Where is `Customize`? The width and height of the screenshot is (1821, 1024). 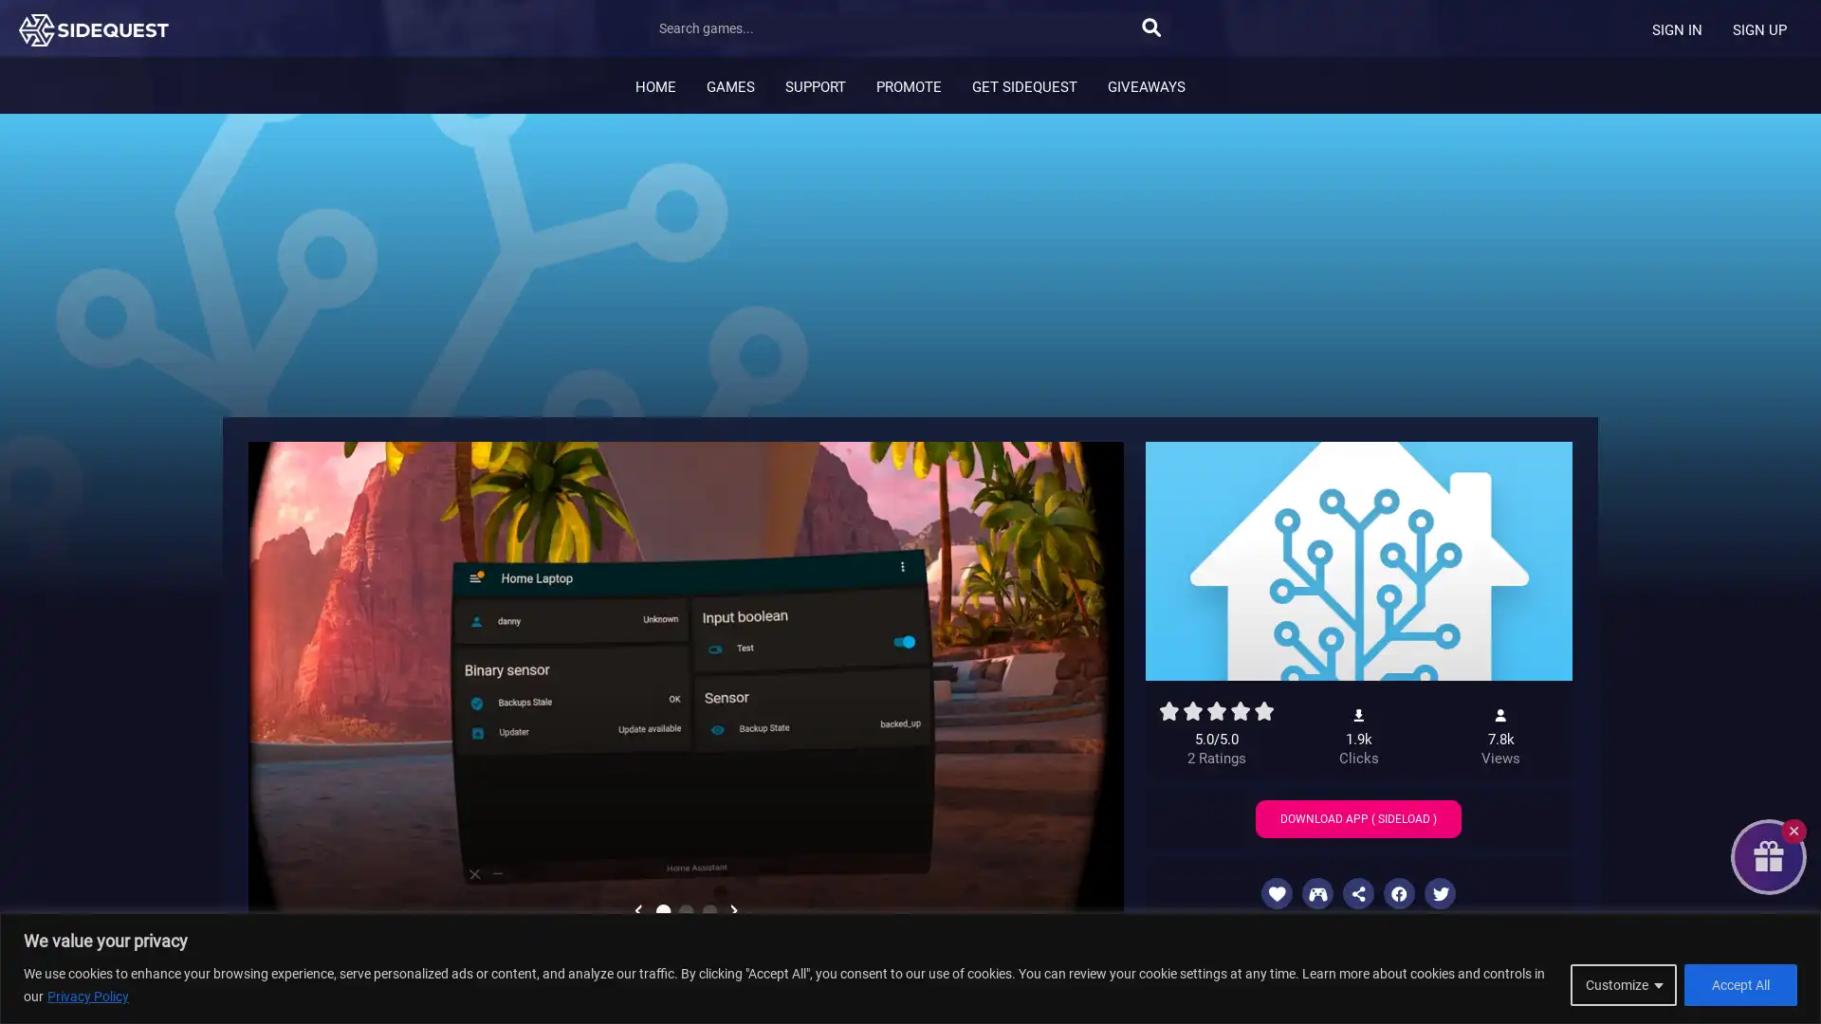 Customize is located at coordinates (1623, 982).